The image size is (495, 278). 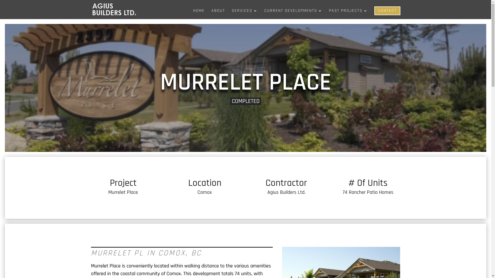 What do you see at coordinates (198, 14) in the screenshot?
I see `'HOME'` at bounding box center [198, 14].